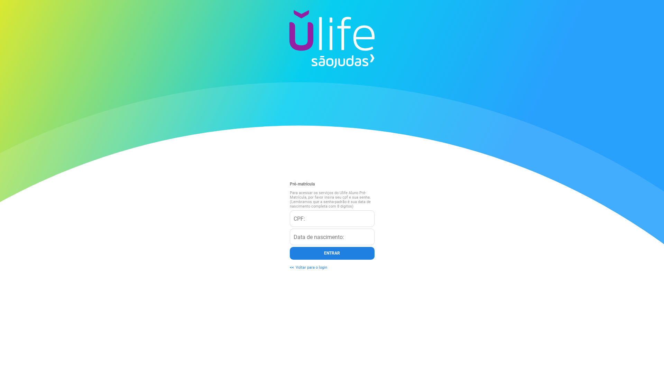 The width and height of the screenshot is (664, 373). What do you see at coordinates (308, 267) in the screenshot?
I see `'<<Voltar para o login'` at bounding box center [308, 267].